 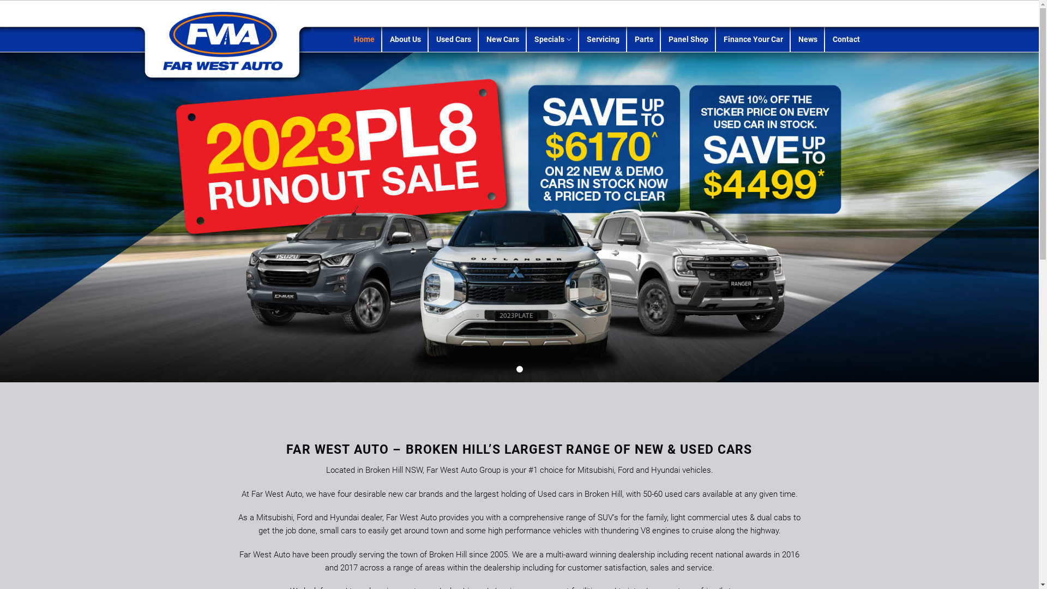 What do you see at coordinates (667, 39) in the screenshot?
I see `'Panel Shop'` at bounding box center [667, 39].